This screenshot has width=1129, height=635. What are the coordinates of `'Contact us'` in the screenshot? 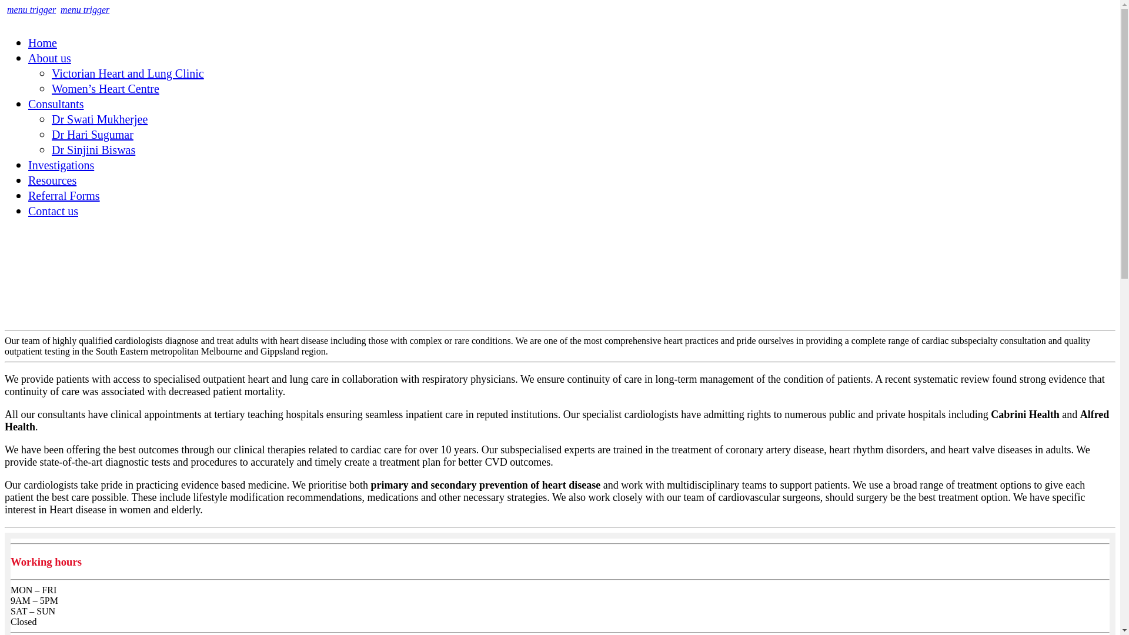 It's located at (52, 210).